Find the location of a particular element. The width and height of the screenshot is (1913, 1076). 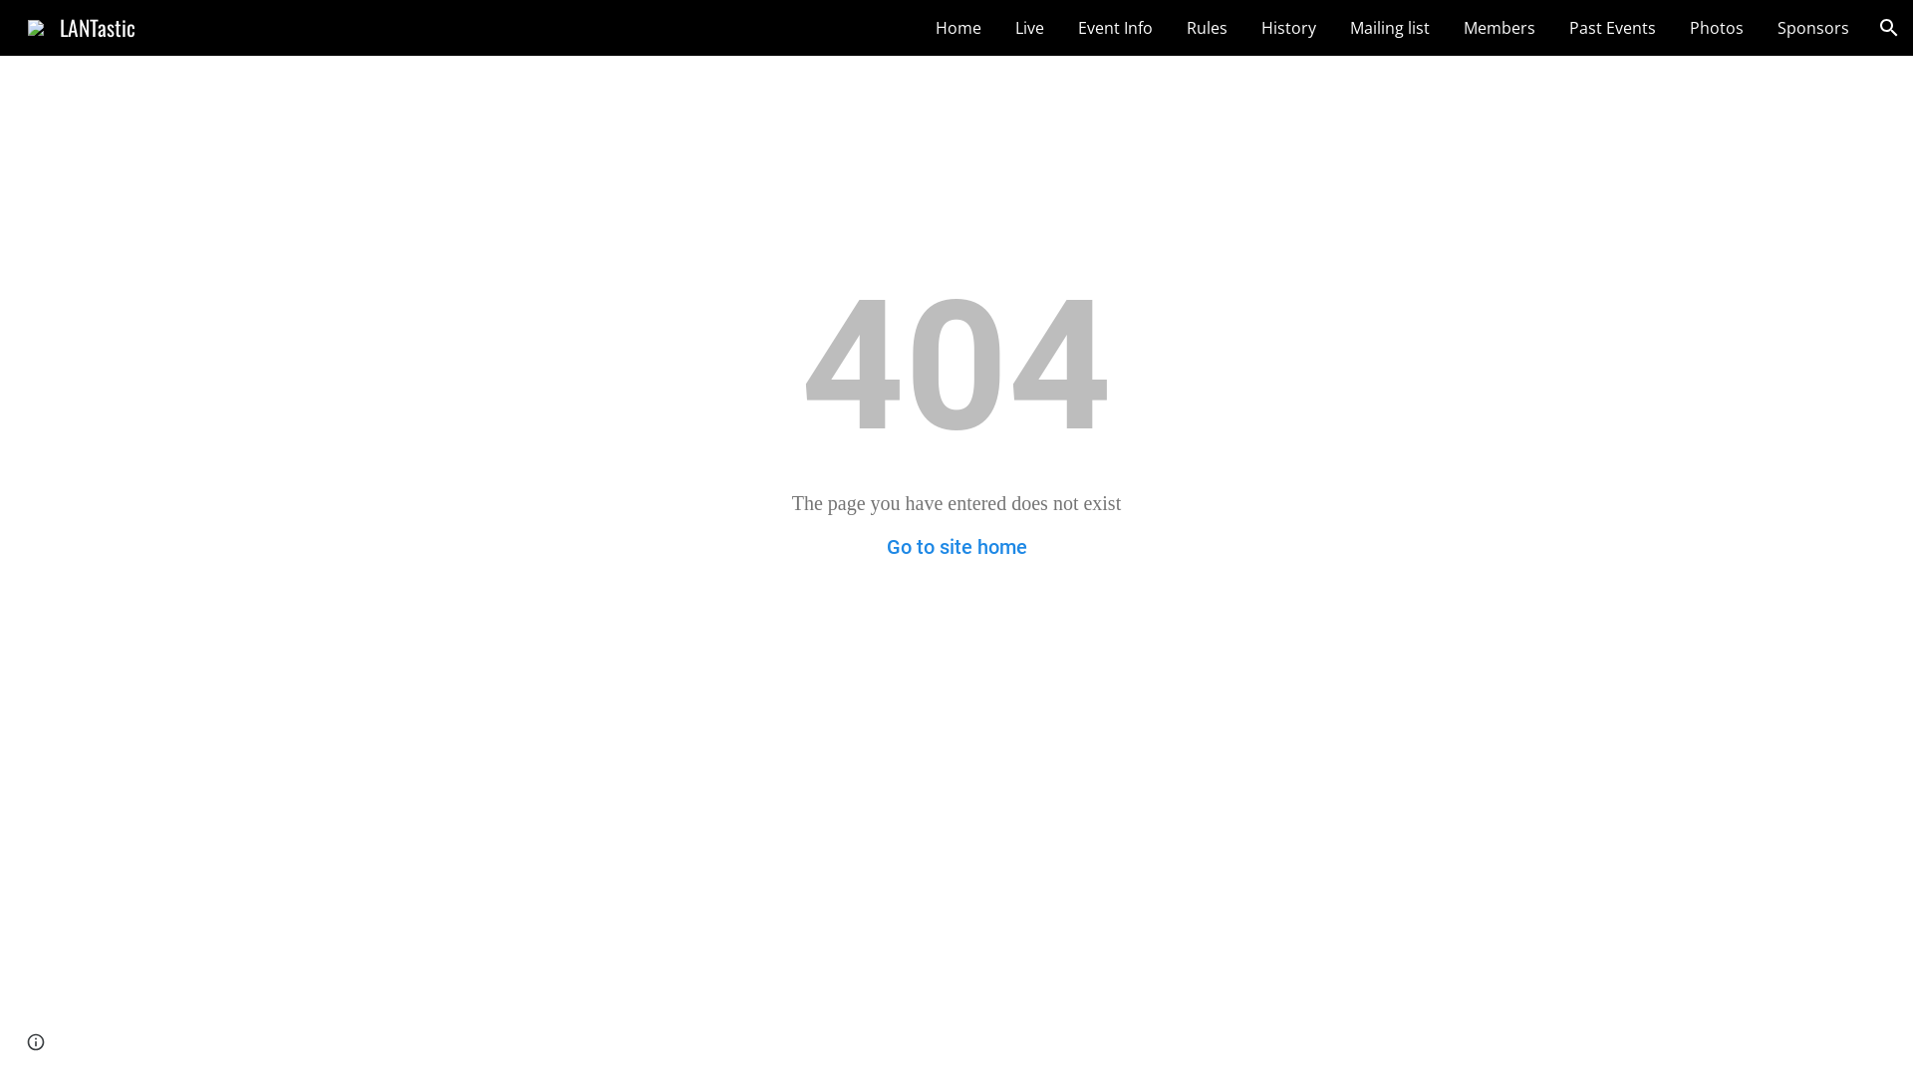

'Event Info' is located at coordinates (1114, 27).